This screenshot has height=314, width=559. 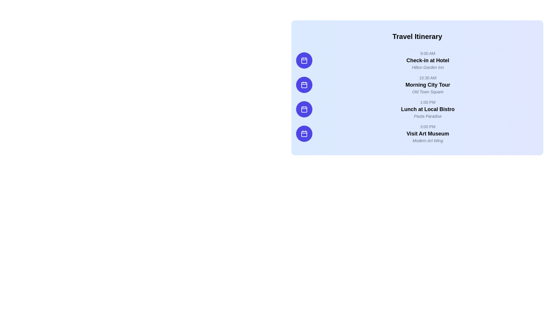 I want to click on the text label that describes an event in the travel itinerary, which is positioned below '3:00 PM' and above 'Modern Art Wing', so click(x=428, y=133).